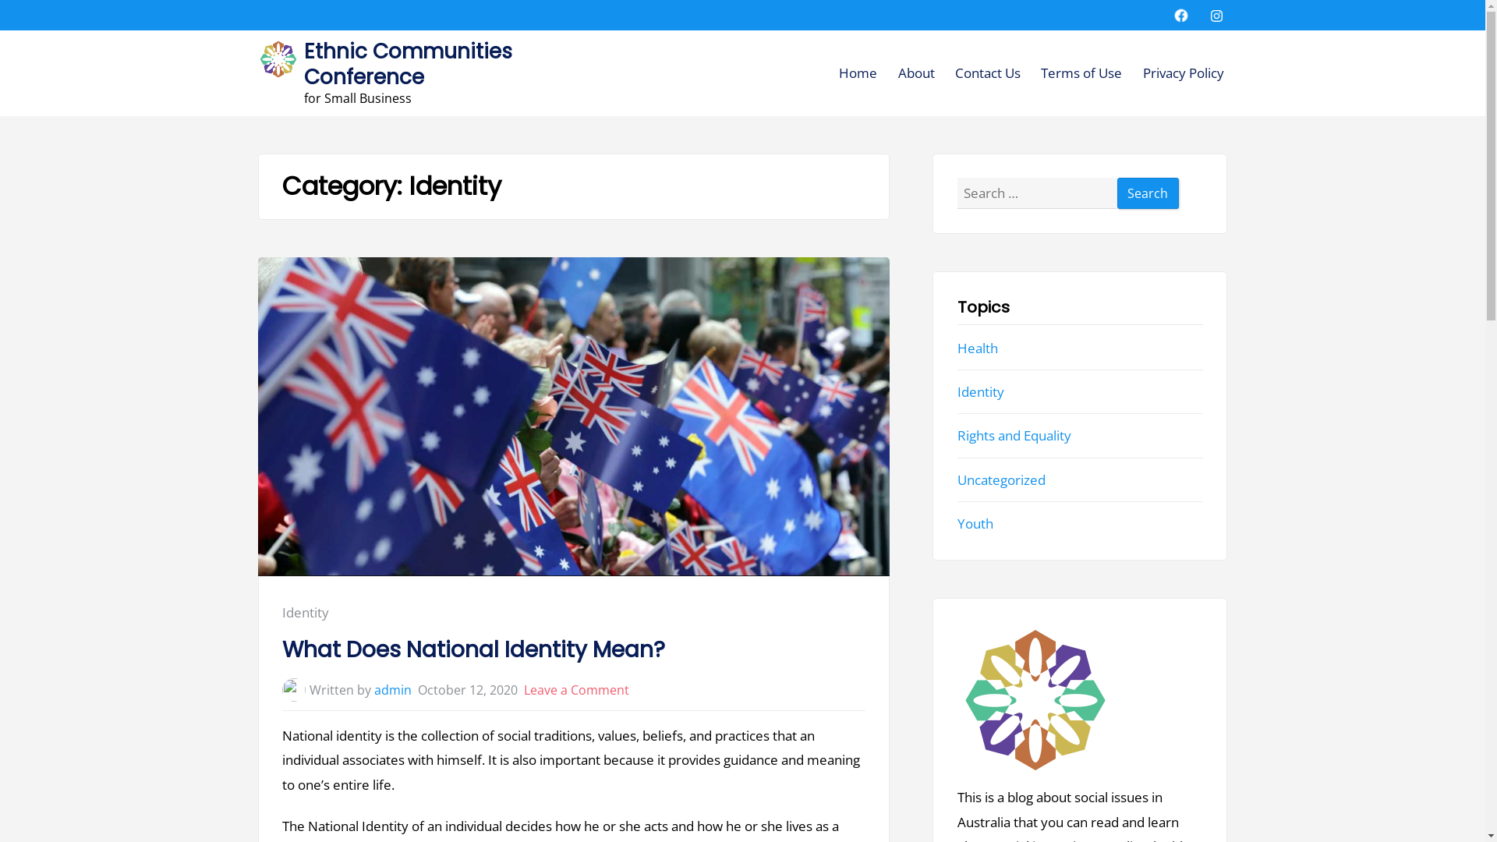  What do you see at coordinates (1183, 73) in the screenshot?
I see `'Privacy Policy'` at bounding box center [1183, 73].